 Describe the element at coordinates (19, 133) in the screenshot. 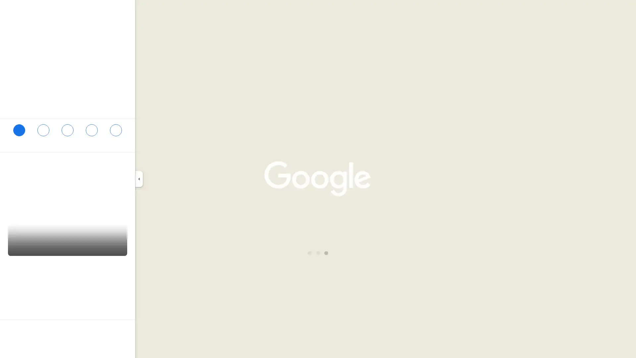

I see `Directions to Grunberger Str. 65` at that location.